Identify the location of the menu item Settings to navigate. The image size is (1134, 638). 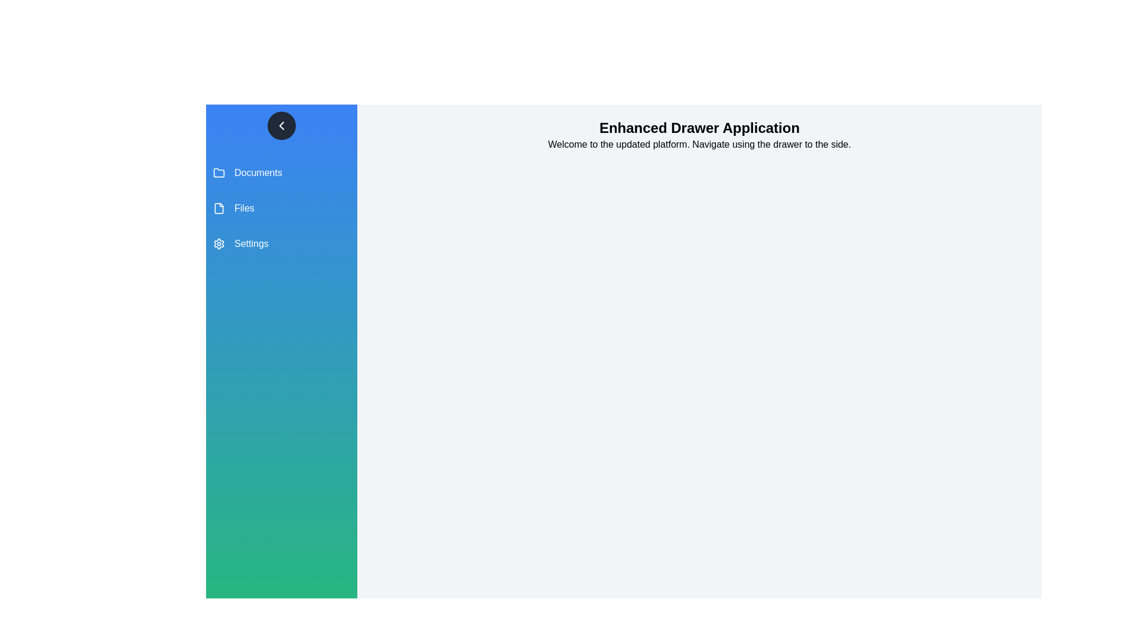
(281, 243).